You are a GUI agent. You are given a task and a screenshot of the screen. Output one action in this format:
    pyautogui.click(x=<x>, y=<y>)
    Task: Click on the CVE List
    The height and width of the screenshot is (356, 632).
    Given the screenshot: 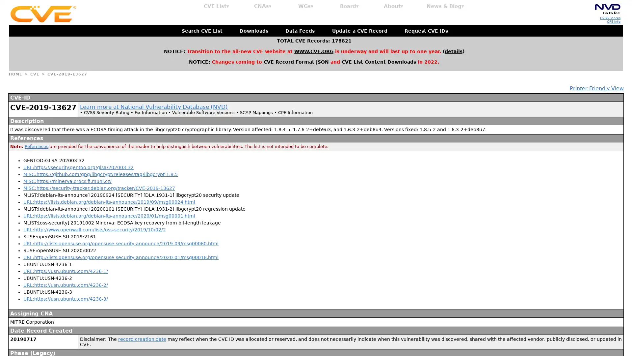 What is the action you would take?
    pyautogui.click(x=216, y=6)
    